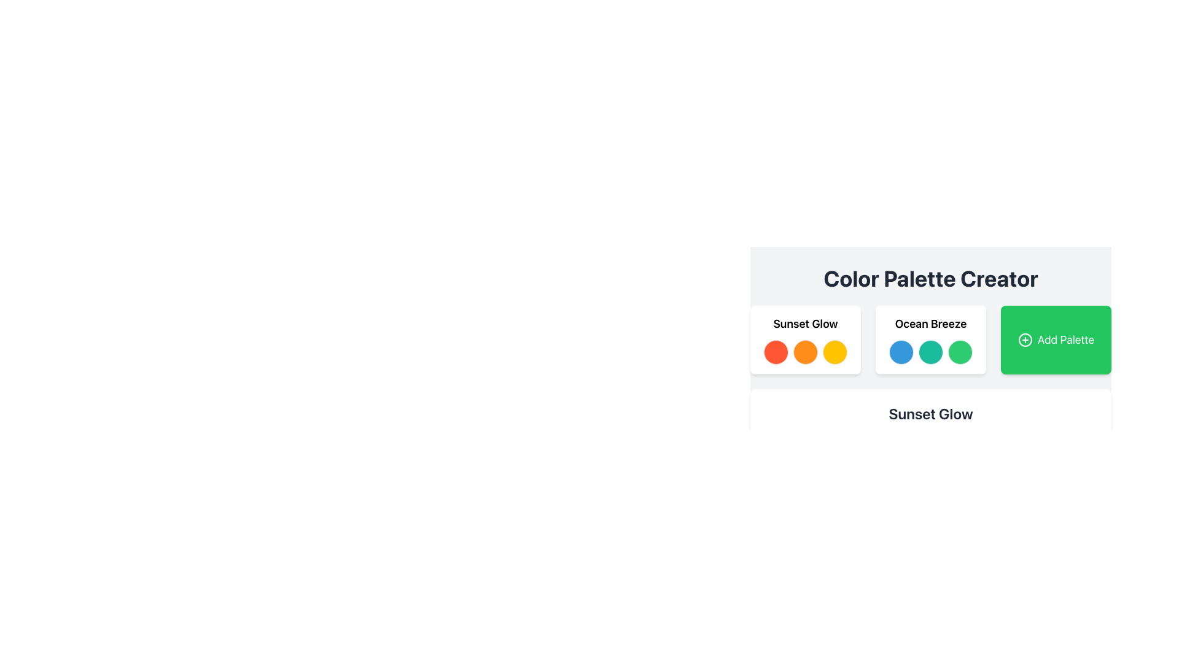  What do you see at coordinates (931, 324) in the screenshot?
I see `the Text Label element displaying 'Ocean Breeze', which is styled as a bold headline at the top-center of a card layout` at bounding box center [931, 324].